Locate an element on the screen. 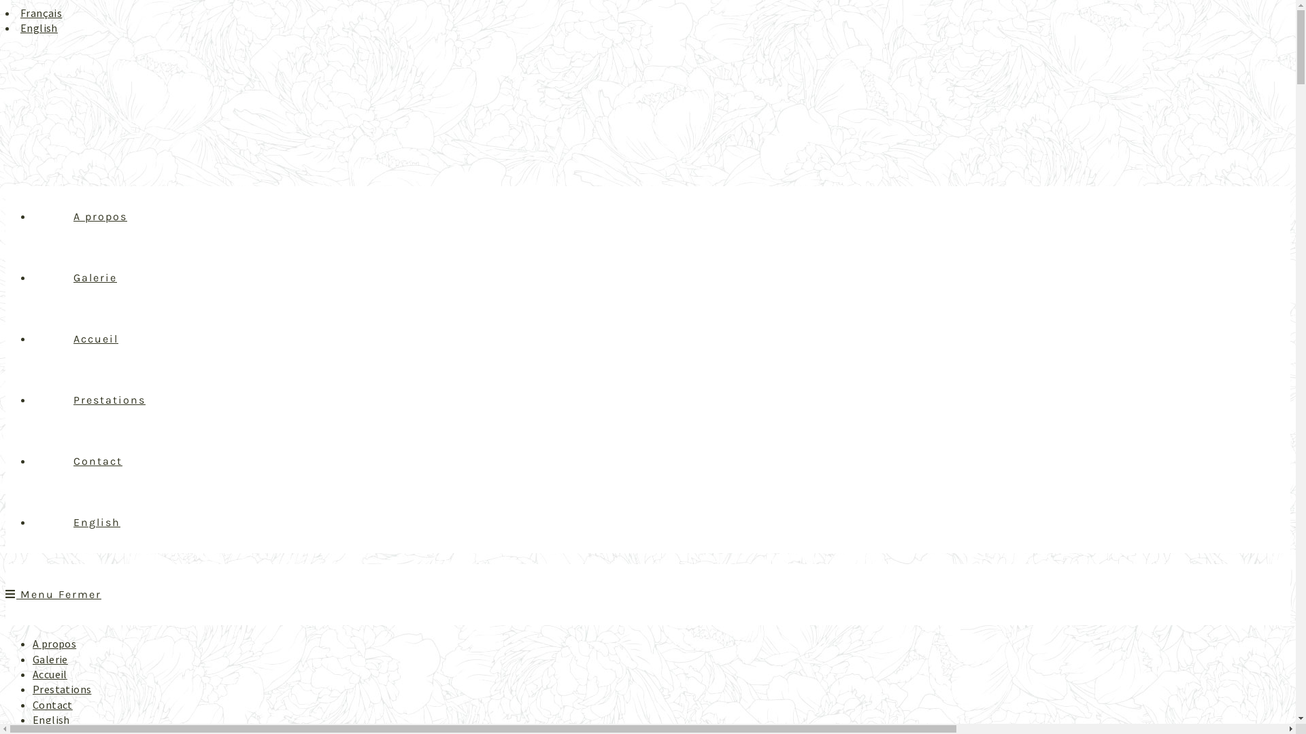 The width and height of the screenshot is (1306, 734). 'Skip to content' is located at coordinates (5, 5).